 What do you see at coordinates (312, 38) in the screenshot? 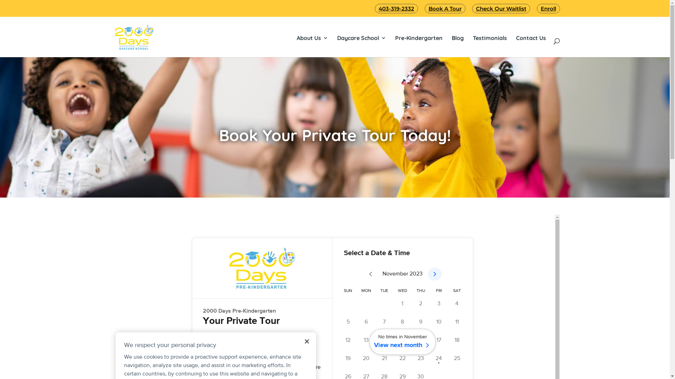
I see `'About Us'` at bounding box center [312, 38].